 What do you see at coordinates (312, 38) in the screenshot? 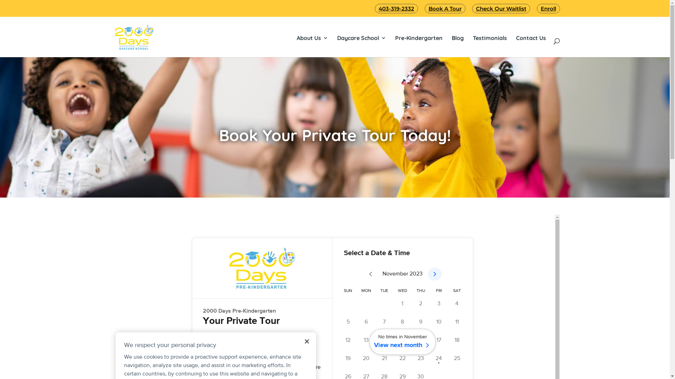
I see `'About Us'` at bounding box center [312, 38].